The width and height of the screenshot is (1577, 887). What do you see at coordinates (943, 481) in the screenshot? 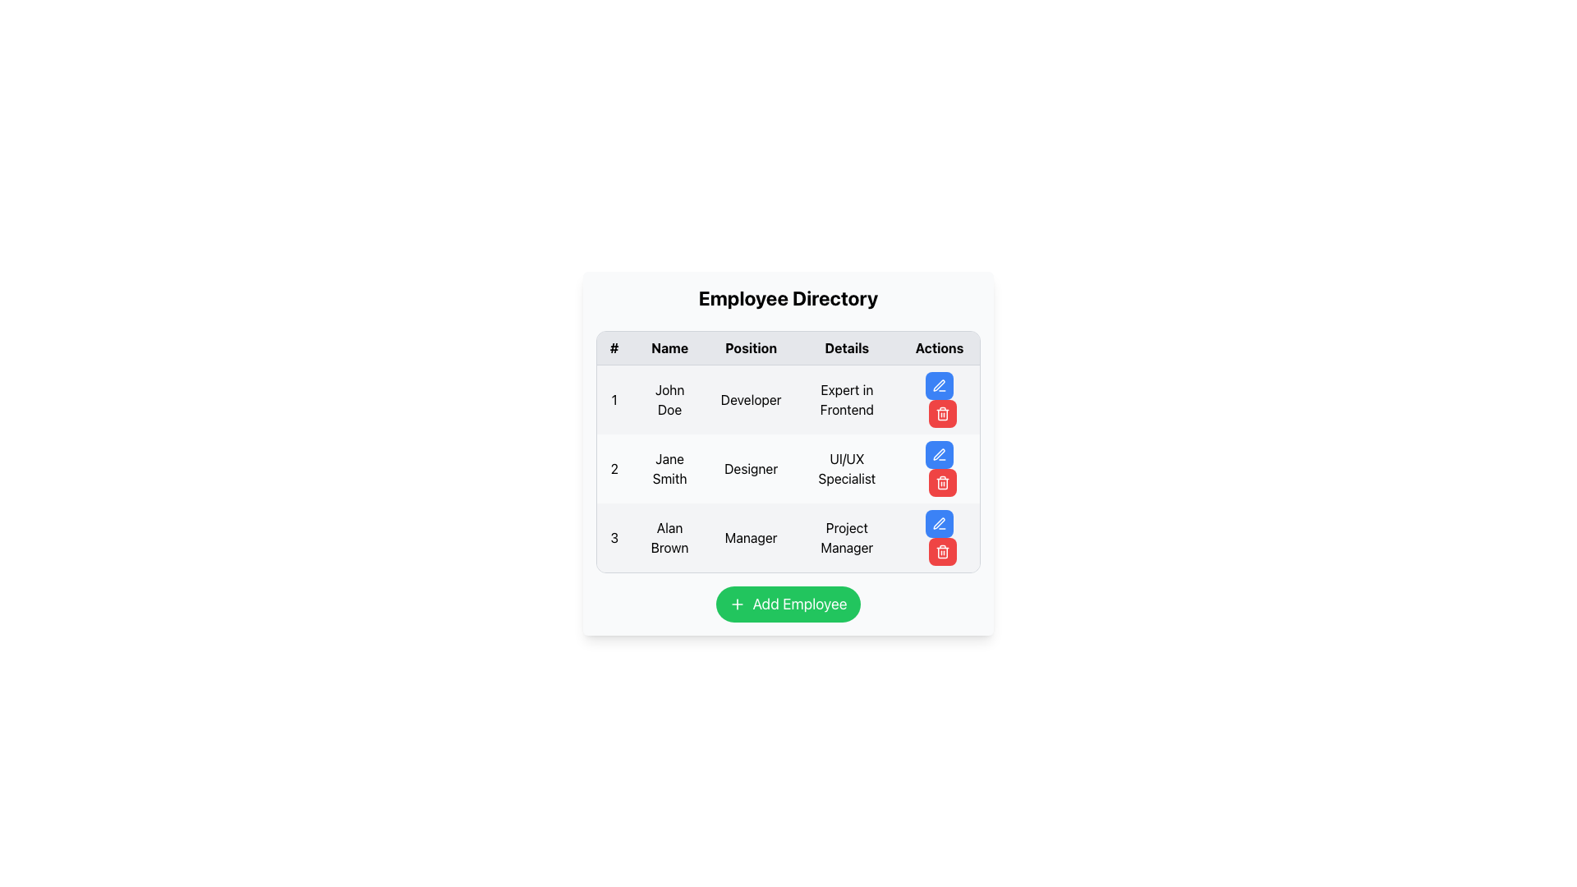
I see `the red rounded rectangle button with a white trash can icon located to the right of the row for Jane Smith, Designer in the Actions column` at bounding box center [943, 481].